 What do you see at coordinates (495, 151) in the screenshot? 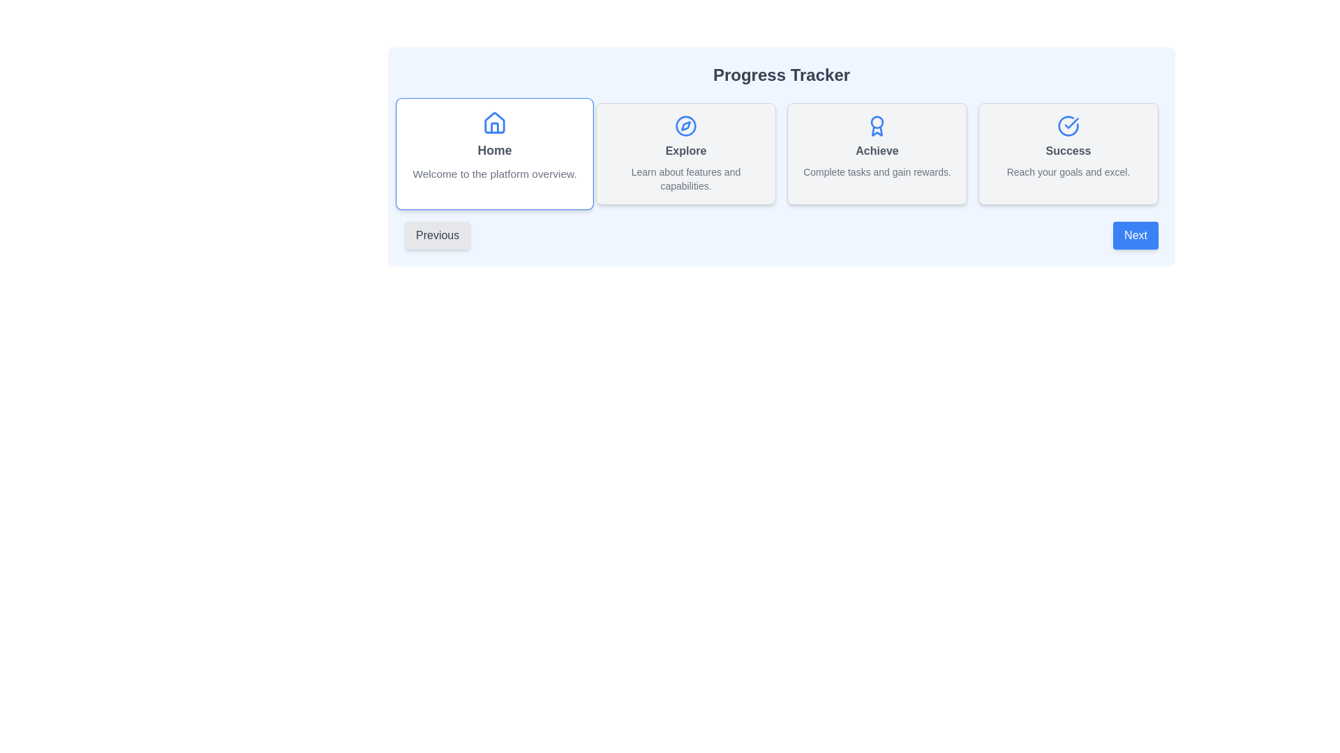
I see `the text label that says 'Home', which is bold and gray, located within the first card in a series of four, beneath a blue house icon` at bounding box center [495, 151].